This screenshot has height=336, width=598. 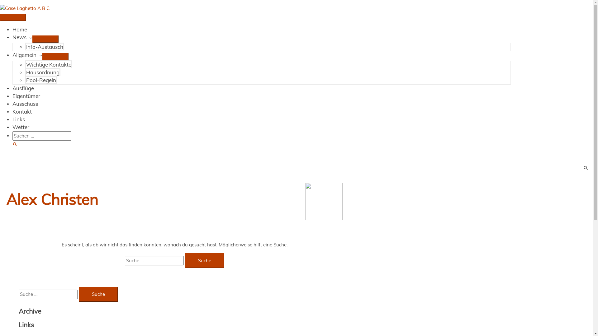 I want to click on 'Kontakt', so click(x=22, y=111).